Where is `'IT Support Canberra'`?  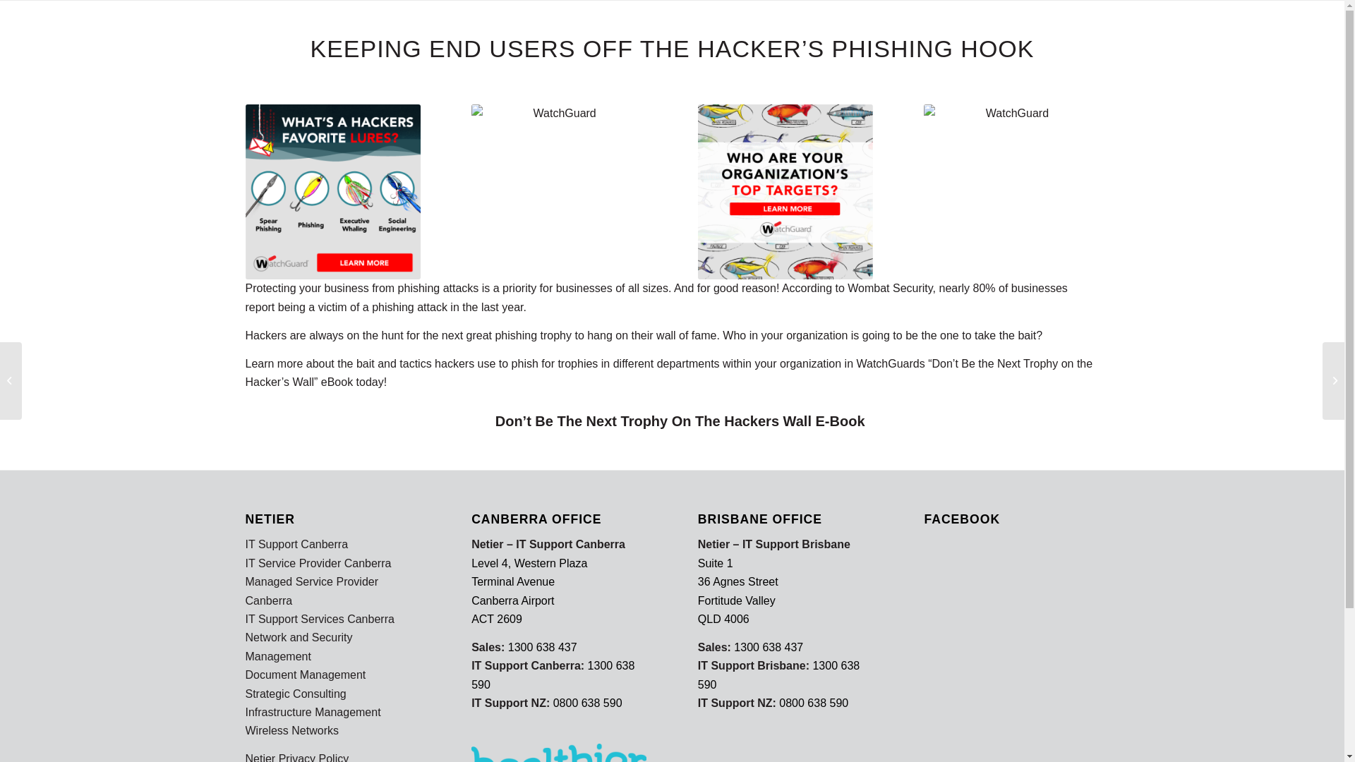
'IT Support Canberra' is located at coordinates (296, 543).